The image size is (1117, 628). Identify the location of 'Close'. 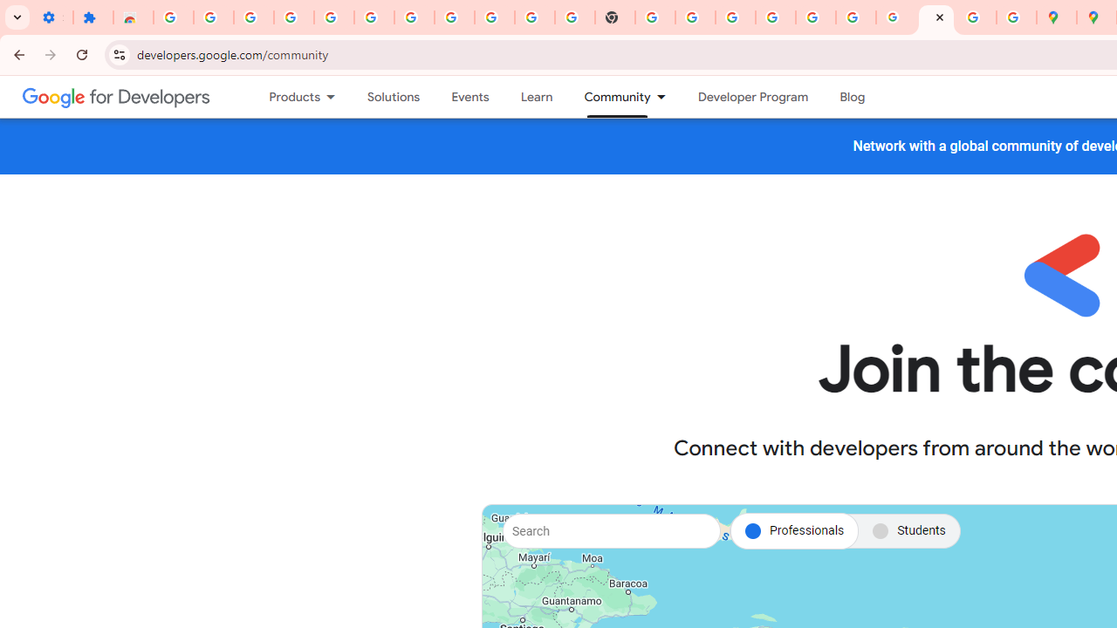
(938, 17).